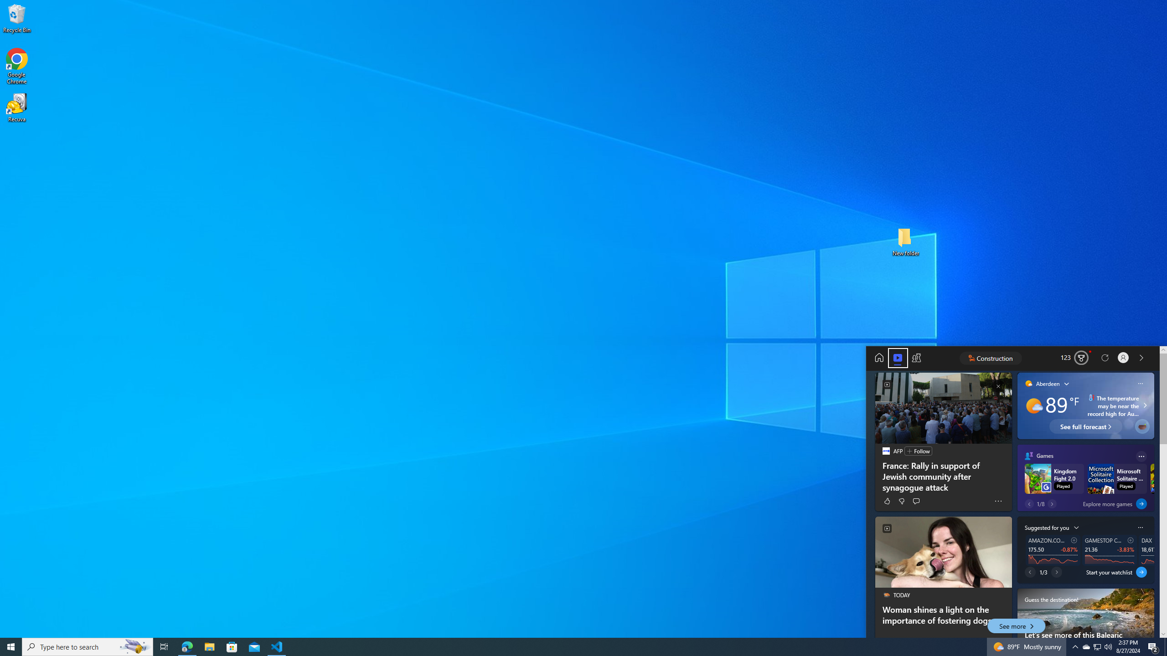  What do you see at coordinates (1086, 646) in the screenshot?
I see `'Q2790: 100%'` at bounding box center [1086, 646].